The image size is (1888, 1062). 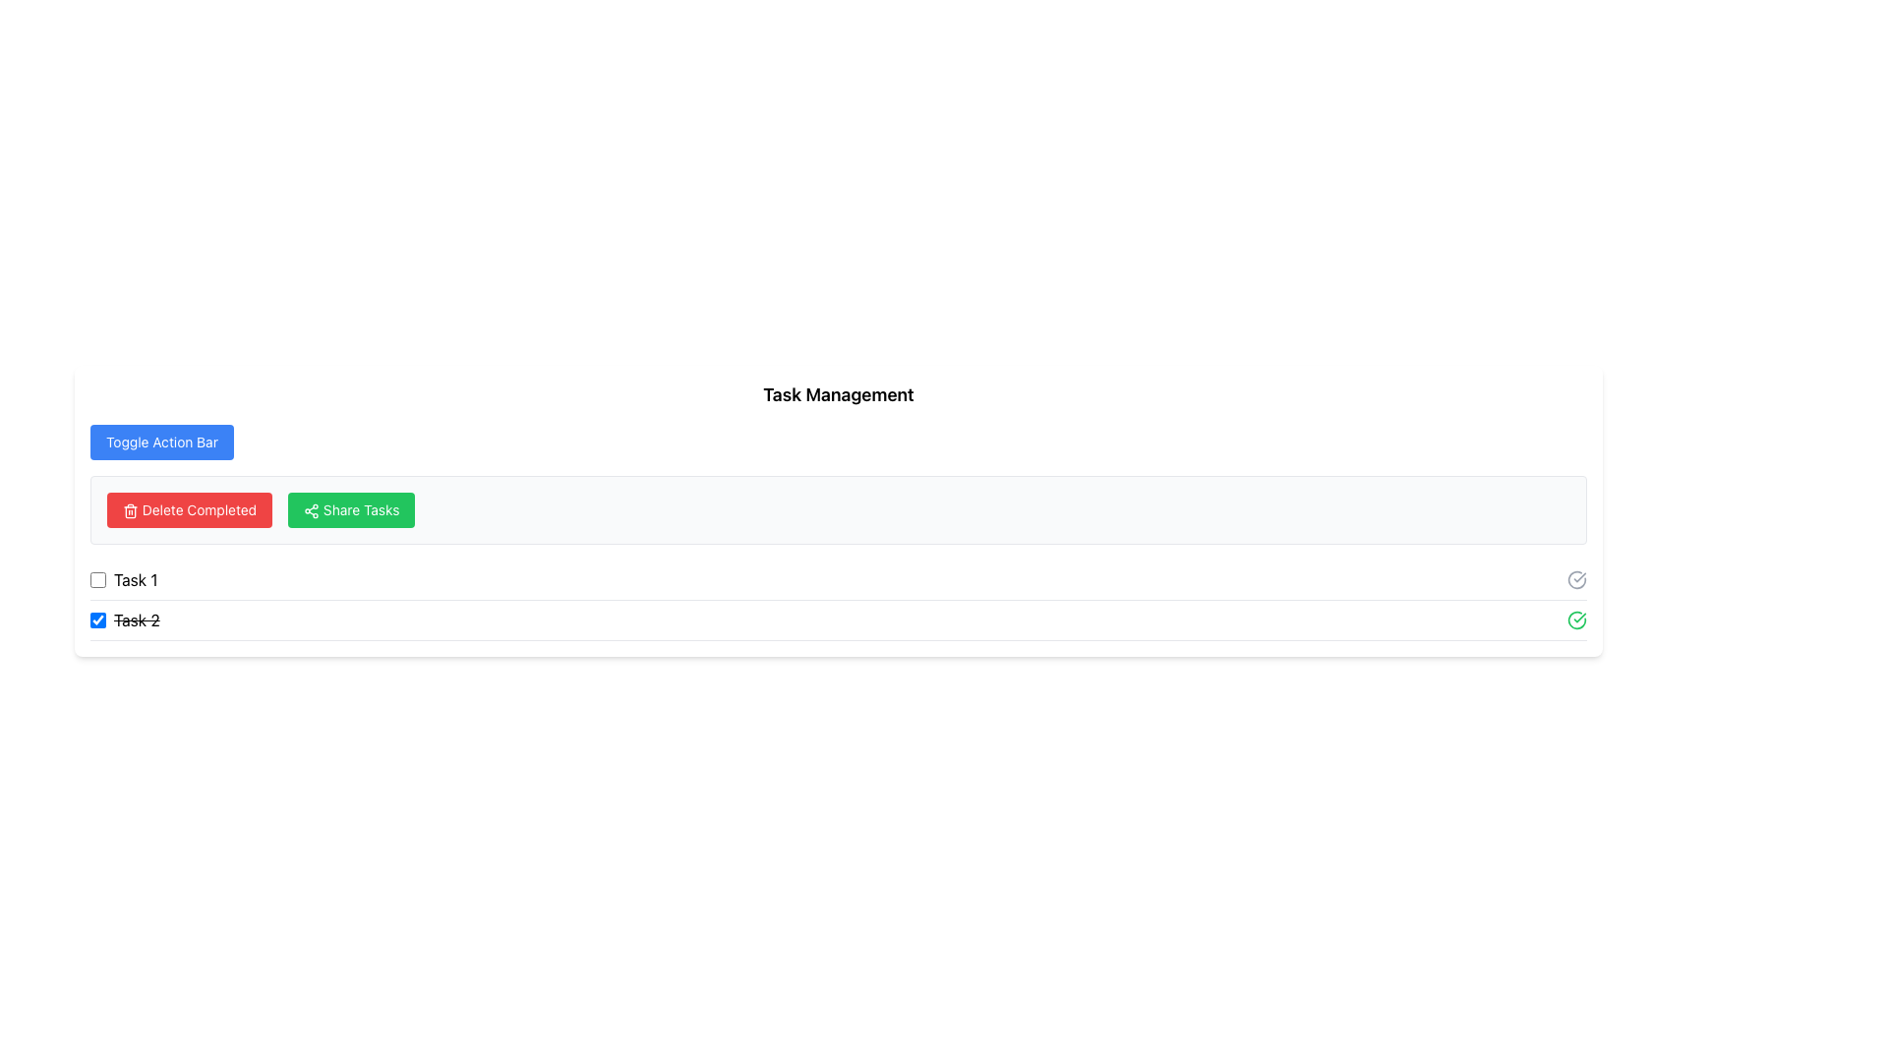 What do you see at coordinates (135, 579) in the screenshot?
I see `text of the Text Label that contains 'Task 1', which is styled as plain text and is located to the immediate right of the checkbox element` at bounding box center [135, 579].